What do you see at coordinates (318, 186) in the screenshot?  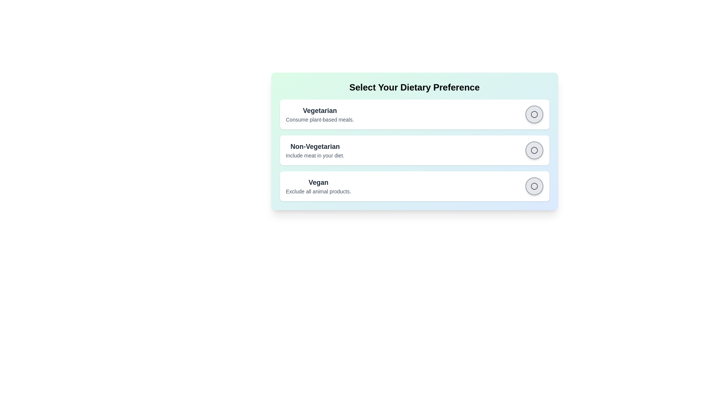 I see `the 'Vegan' dietary preference text label, which provides information about excluding all animal products, located within the selectable options under 'Select Your Dietary Preference.'` at bounding box center [318, 186].